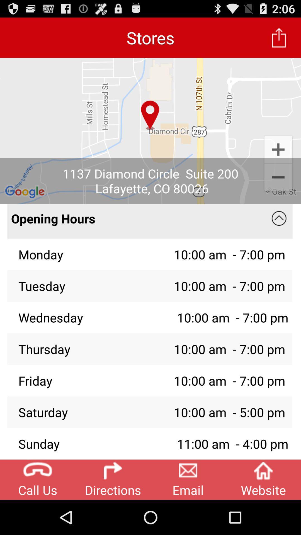 The width and height of the screenshot is (301, 535). What do you see at coordinates (188, 479) in the screenshot?
I see `email icon` at bounding box center [188, 479].